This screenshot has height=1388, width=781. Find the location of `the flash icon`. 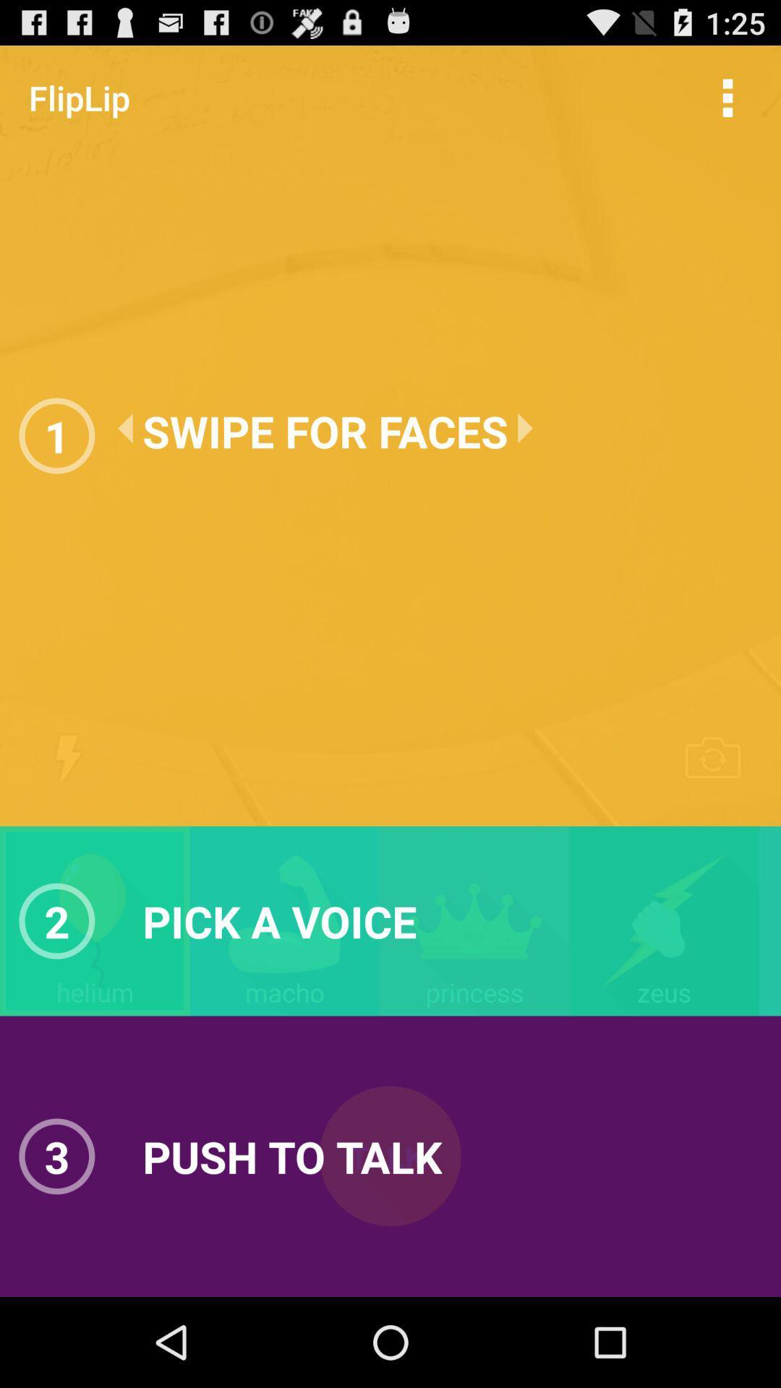

the flash icon is located at coordinates (68, 811).